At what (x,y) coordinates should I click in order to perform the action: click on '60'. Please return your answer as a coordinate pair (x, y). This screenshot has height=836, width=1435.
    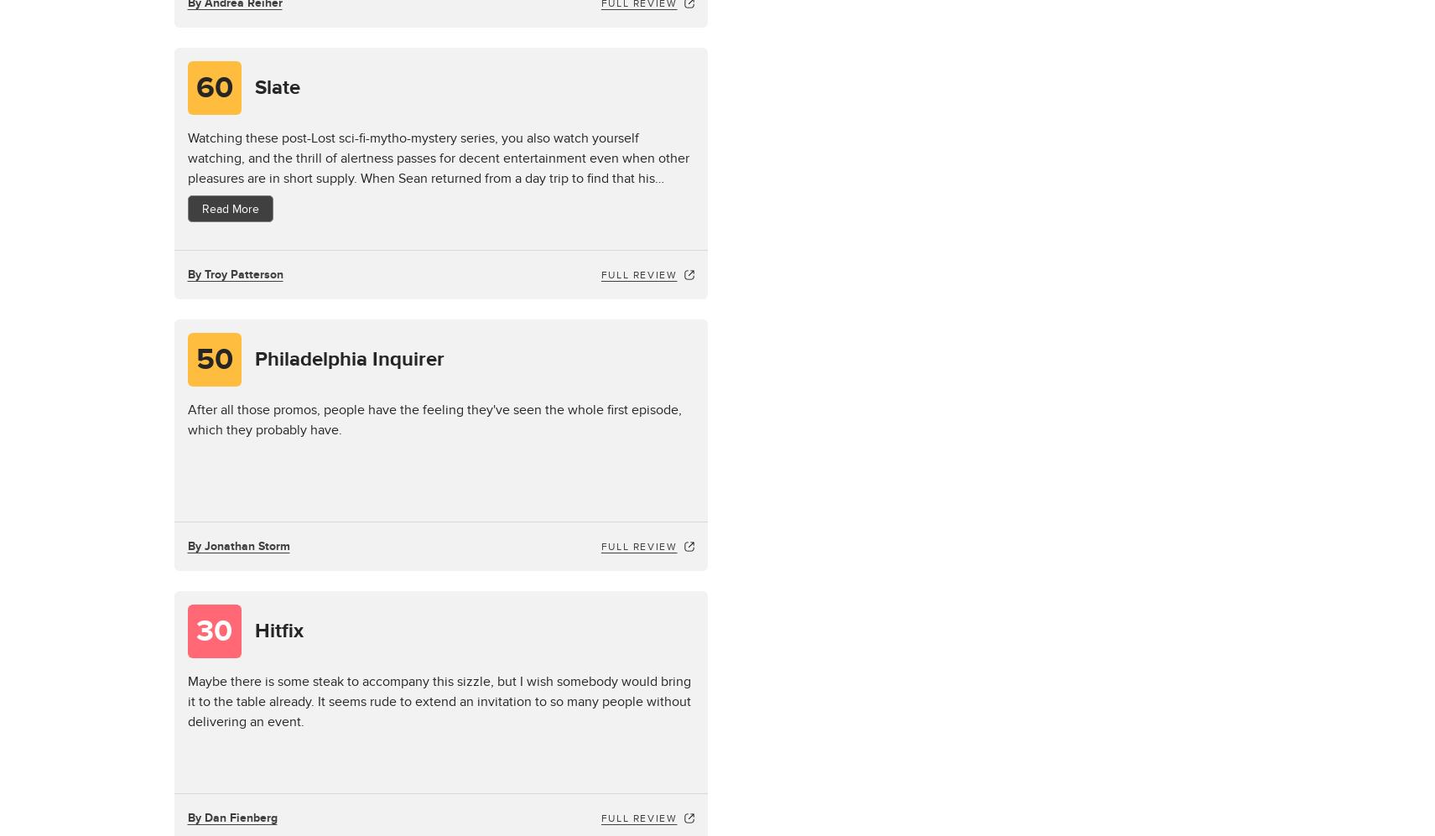
    Looking at the image, I should click on (195, 87).